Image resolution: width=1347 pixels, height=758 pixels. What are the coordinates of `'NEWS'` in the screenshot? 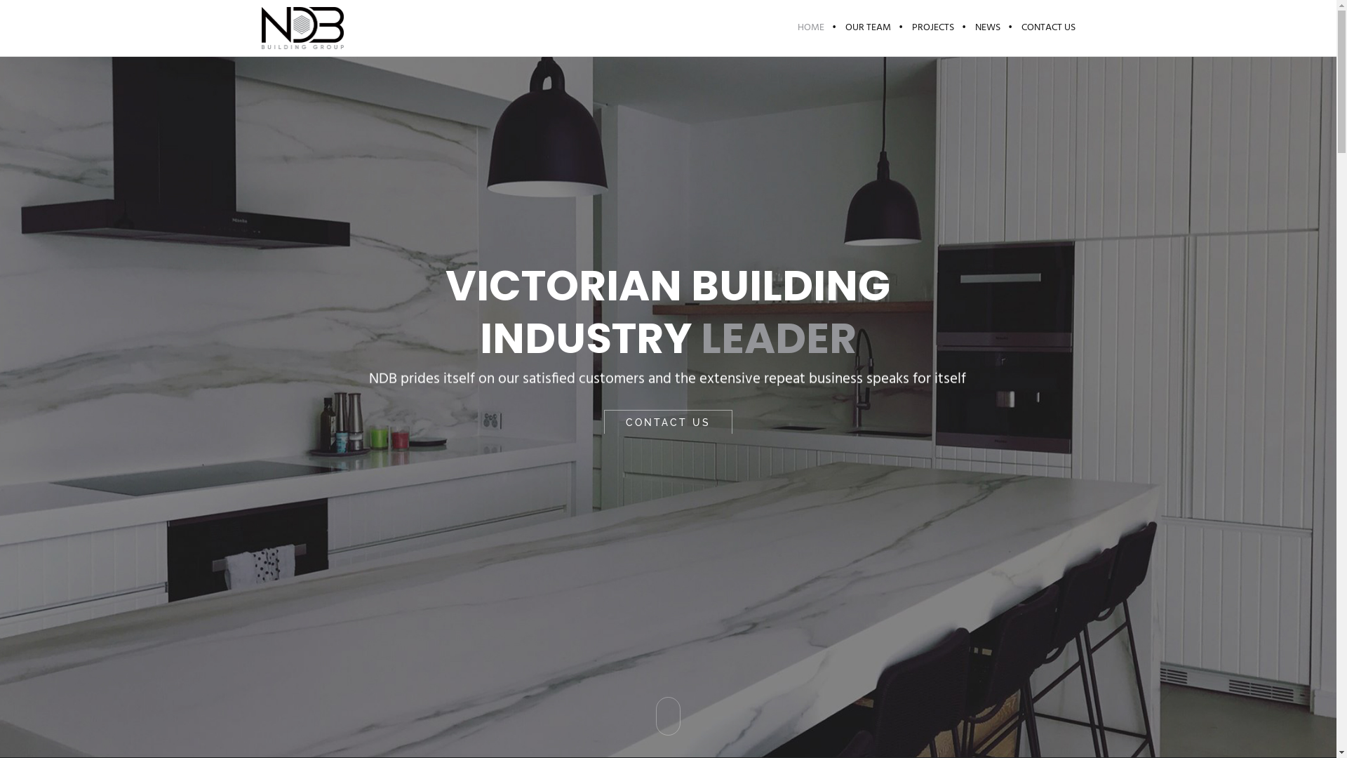 It's located at (963, 27).